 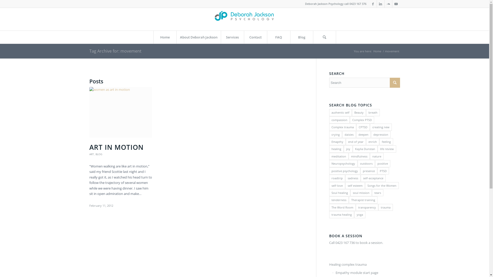 What do you see at coordinates (232, 37) in the screenshot?
I see `'Services'` at bounding box center [232, 37].